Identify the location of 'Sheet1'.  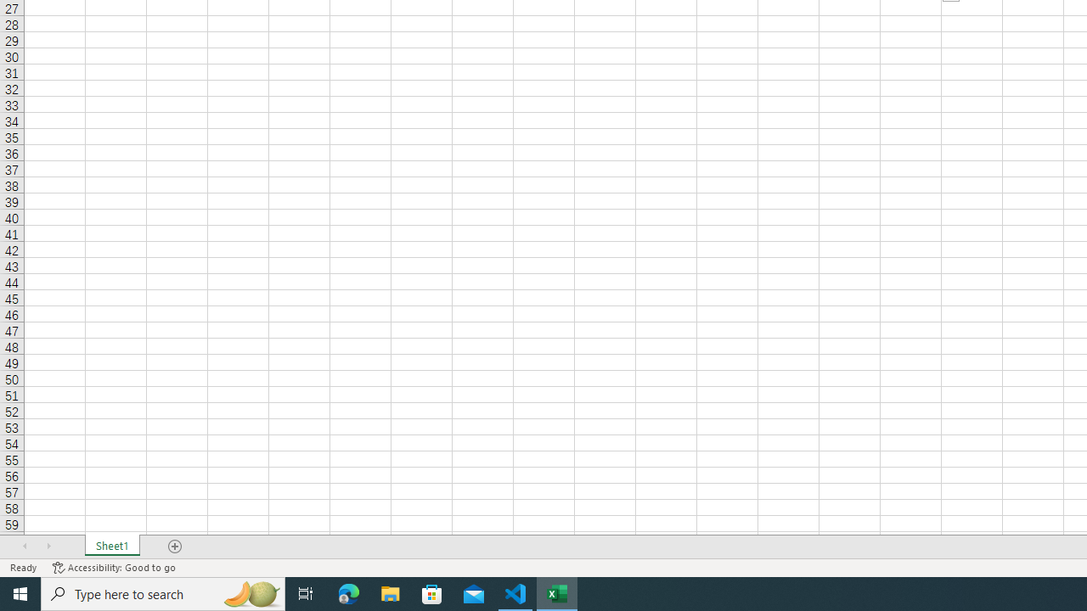
(111, 547).